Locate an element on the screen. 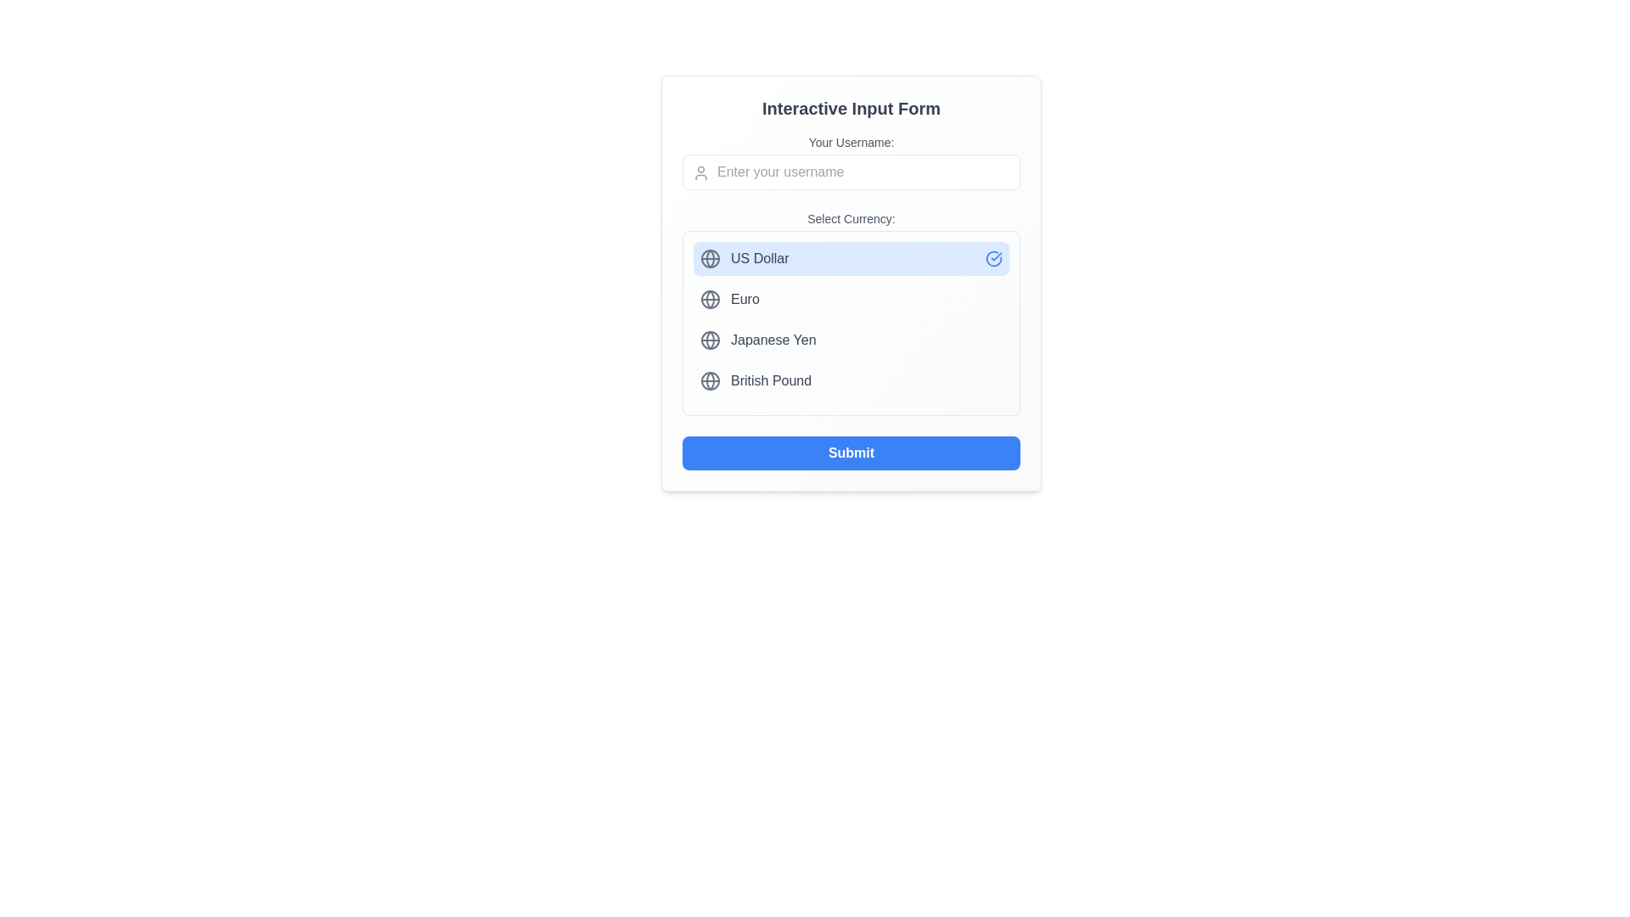 The height and width of the screenshot is (917, 1630). the circular SVG element within the globe icon representing currency options, located adjacent to the 'US Dollar' label is located at coordinates (710, 258).